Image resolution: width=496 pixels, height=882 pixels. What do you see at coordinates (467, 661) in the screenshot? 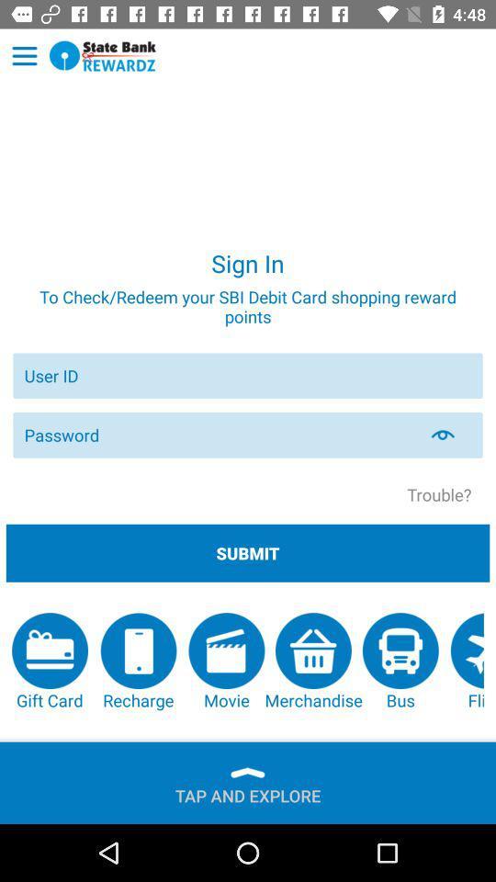
I see `item below submit item` at bounding box center [467, 661].